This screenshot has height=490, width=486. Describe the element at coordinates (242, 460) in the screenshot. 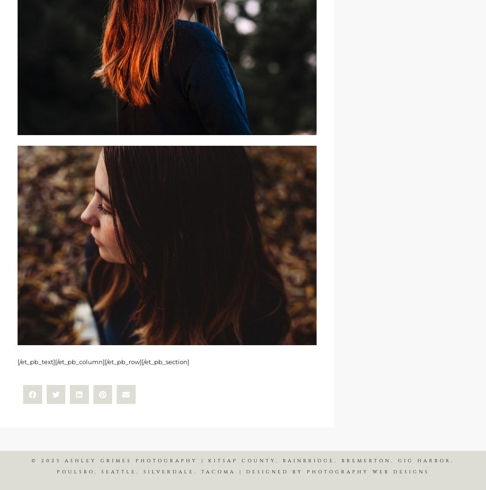

I see `'KITSAP COUNTY'` at that location.